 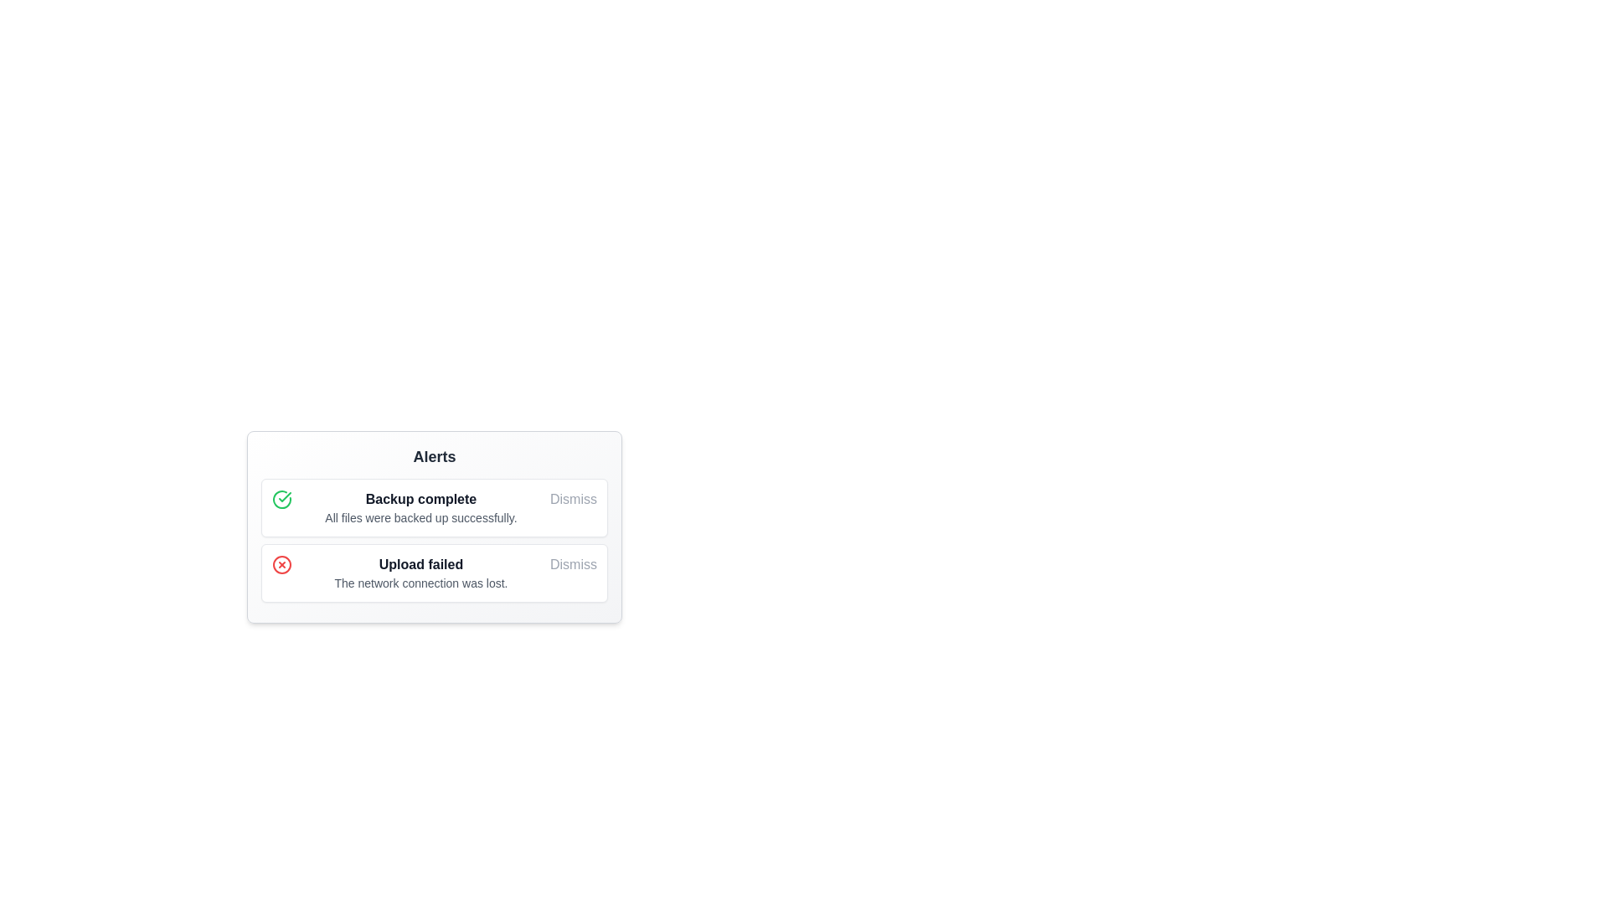 I want to click on the text label displaying 'The network connection was lost.' located beneath the 'Upload failed' header in the Alerts section, so click(x=421, y=583).